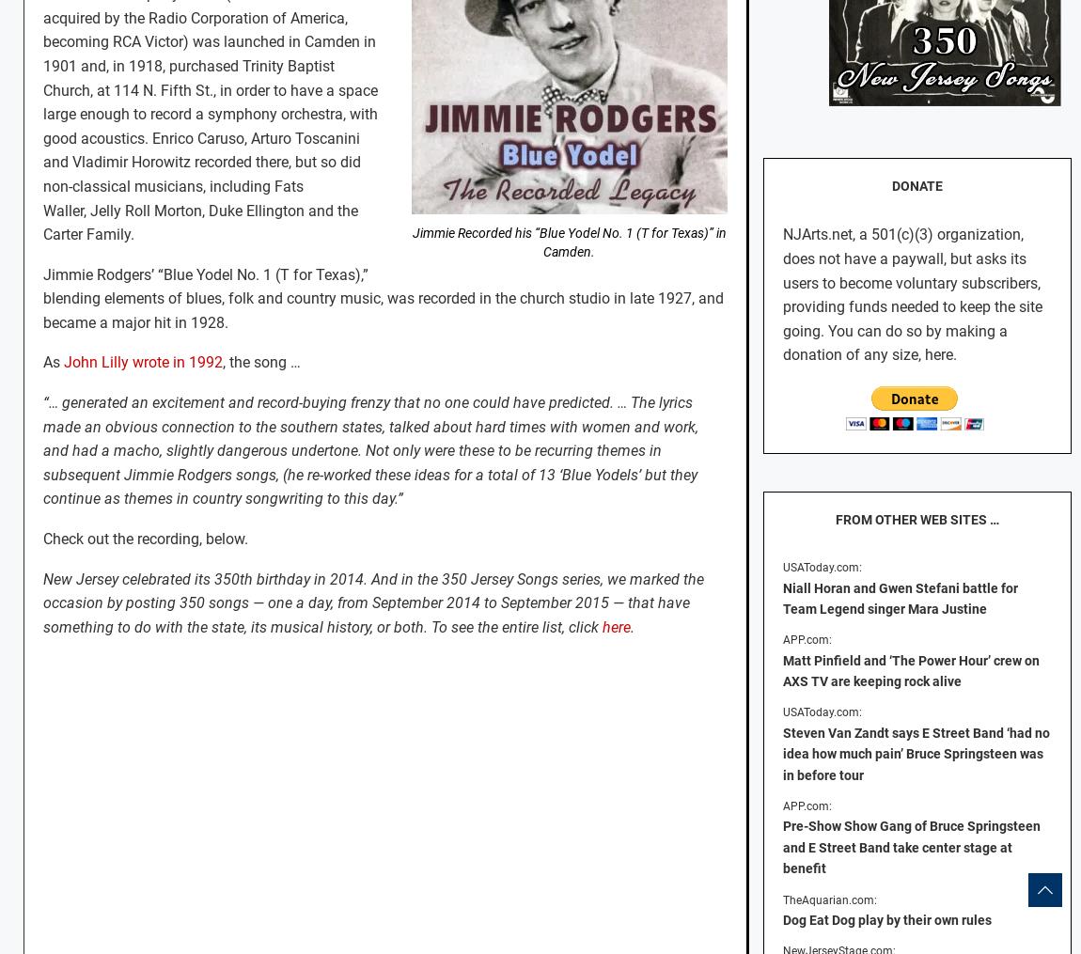 This screenshot has height=954, width=1081. Describe the element at coordinates (42, 362) in the screenshot. I see `'As'` at that location.